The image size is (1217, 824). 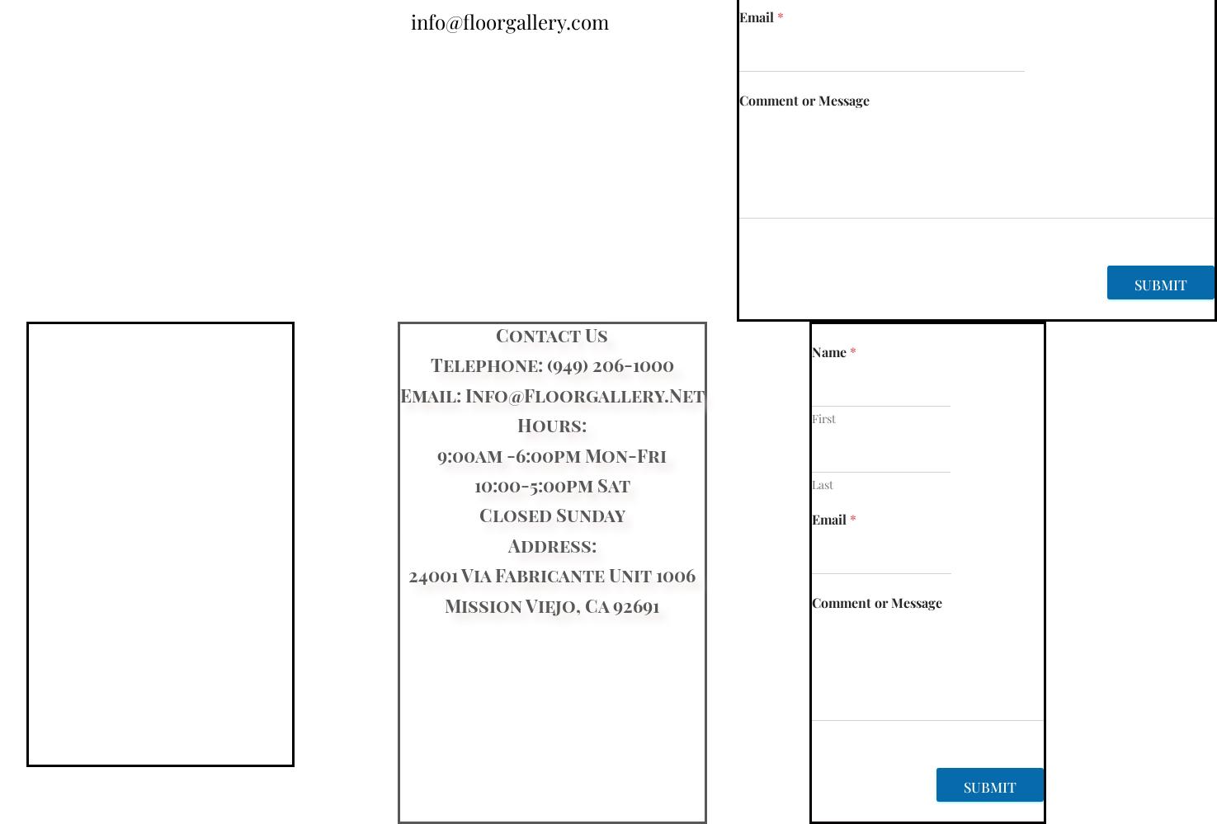 I want to click on 'Closed Sunday', so click(x=551, y=513).